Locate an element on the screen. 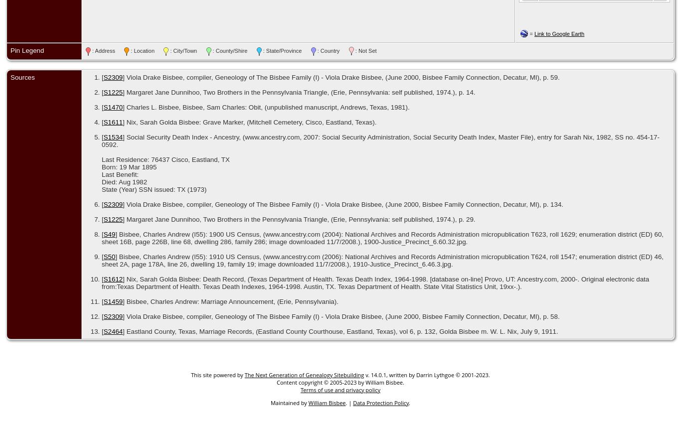  ']  Bisbee, Charles Andrew (I55): 1910 US Census, (www.ancestry.com (2006): National Archives and Records Administration micropublication T624, roll 1547; enumeration district (ED) 46, sheet 2A, page 178A, line 26, dwelling 19, family 19; image downloaded 11/7/2008.), 1910-Justice_Precinct_6.46.3.jpg.' is located at coordinates (382, 260).